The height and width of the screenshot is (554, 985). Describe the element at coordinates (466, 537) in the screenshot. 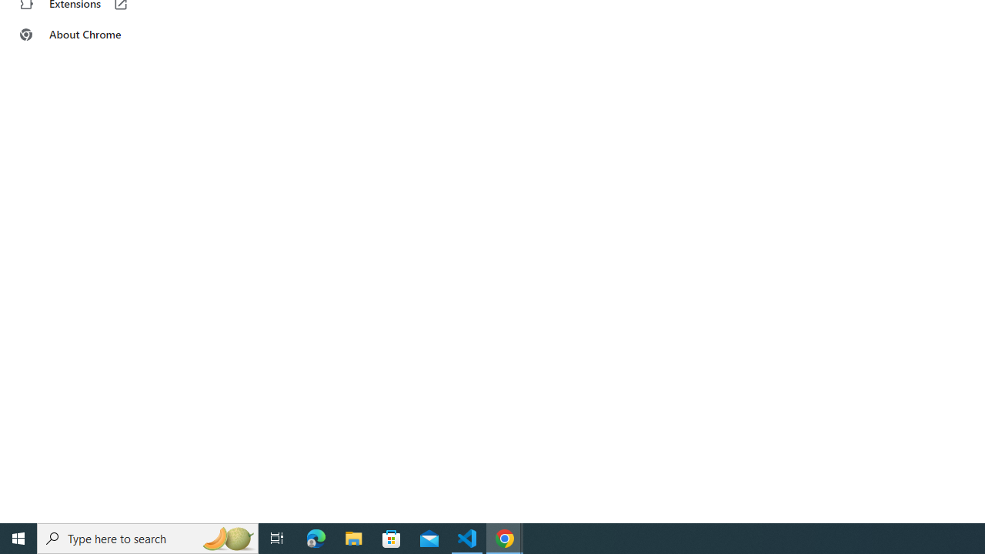

I see `'Visual Studio Code - 1 running window'` at that location.